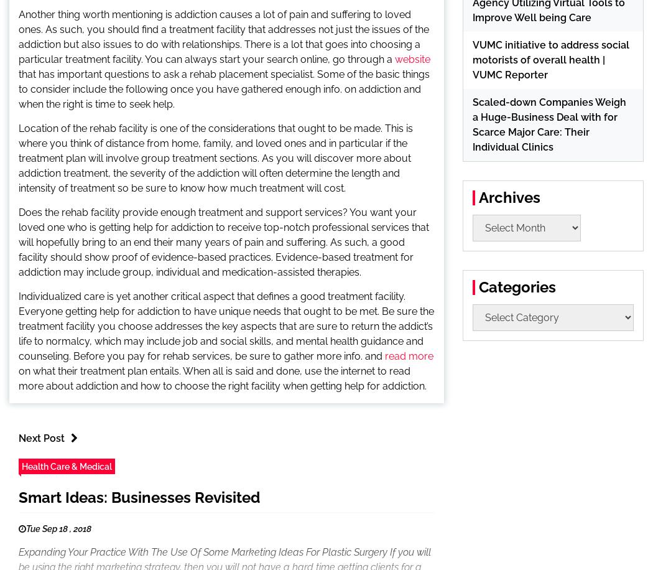 The height and width of the screenshot is (570, 653). I want to click on 'Next Post', so click(40, 438).